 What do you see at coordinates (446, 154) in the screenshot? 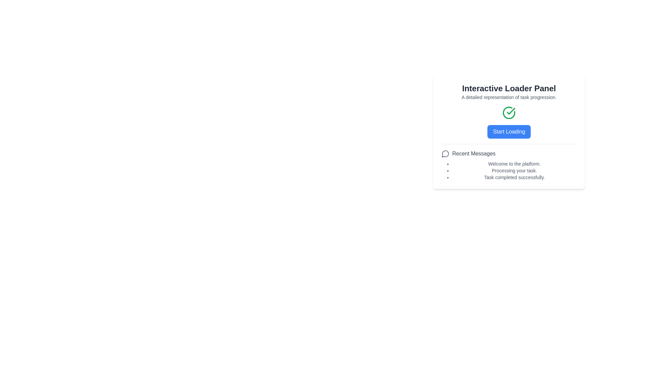
I see `the speech bubble icon, which is gray and located` at bounding box center [446, 154].